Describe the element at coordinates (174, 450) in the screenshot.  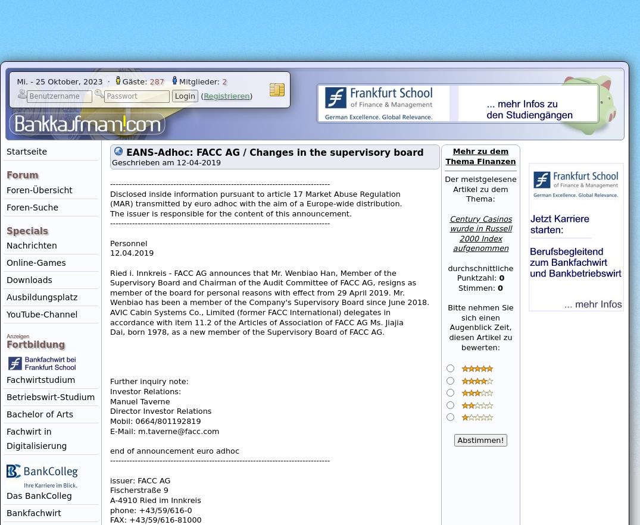
I see `'end of announcement                         euro adhoc'` at that location.